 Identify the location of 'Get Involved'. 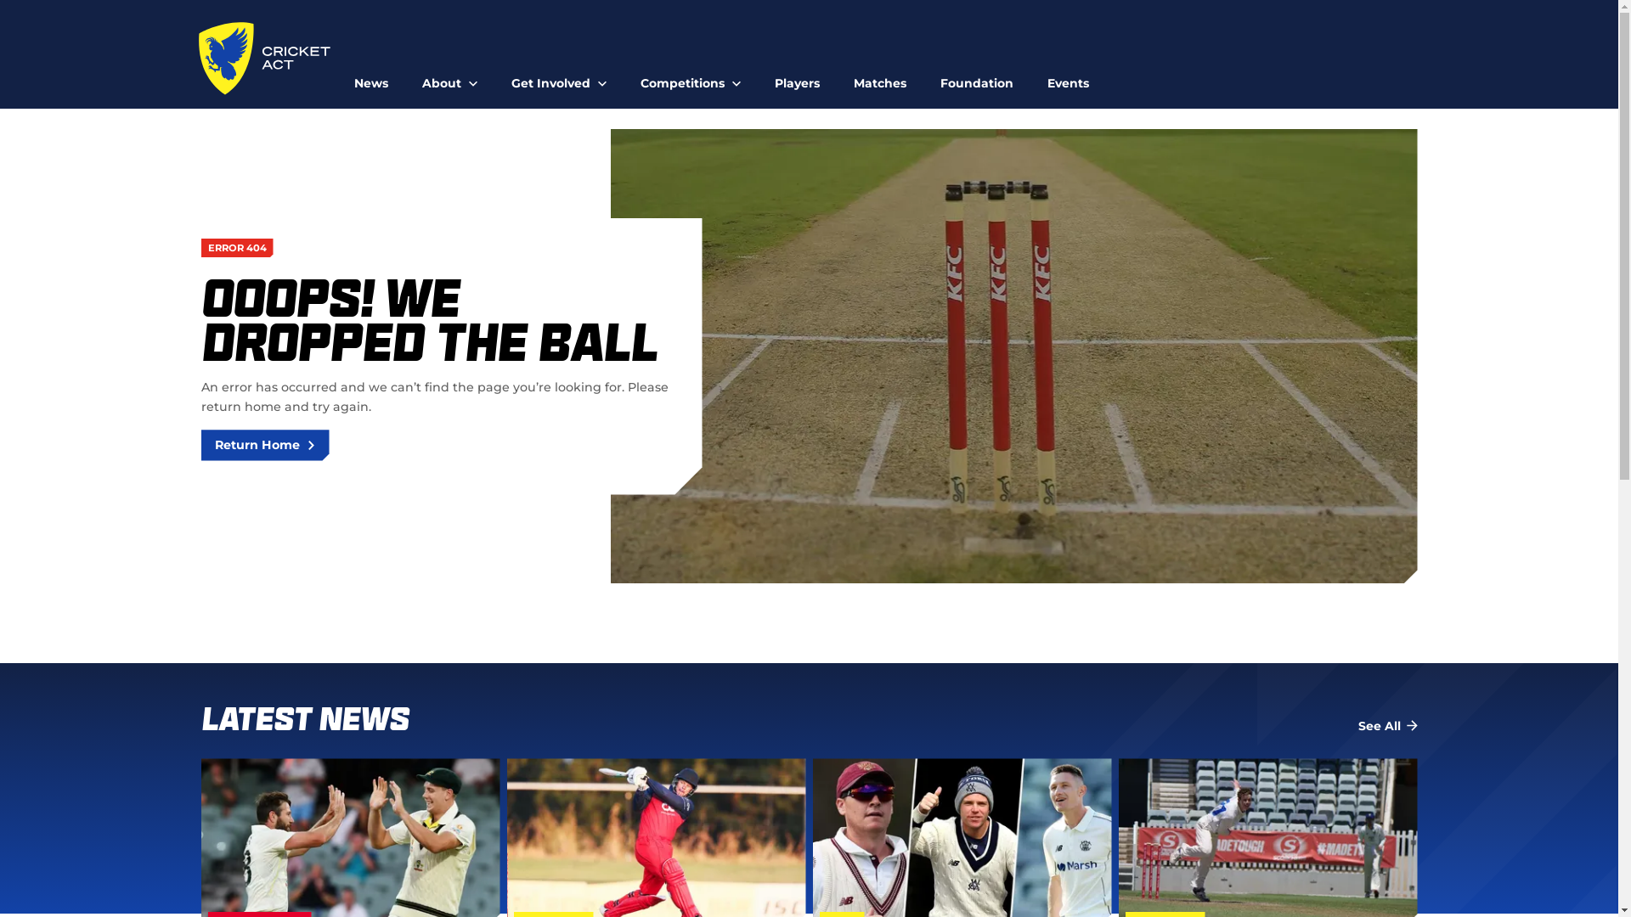
(558, 75).